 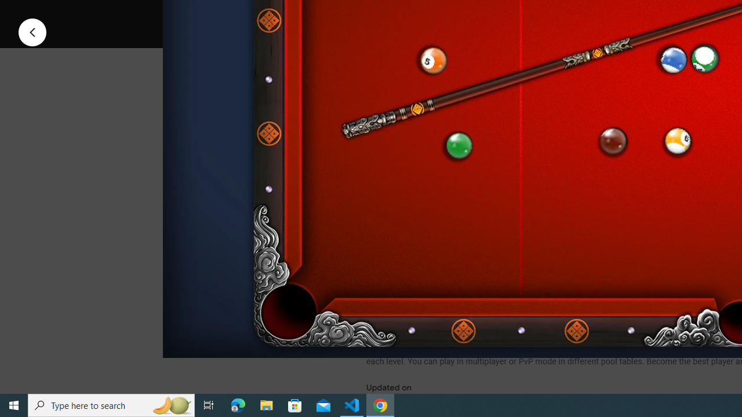 What do you see at coordinates (515, 14) in the screenshot?
I see `'Share'` at bounding box center [515, 14].